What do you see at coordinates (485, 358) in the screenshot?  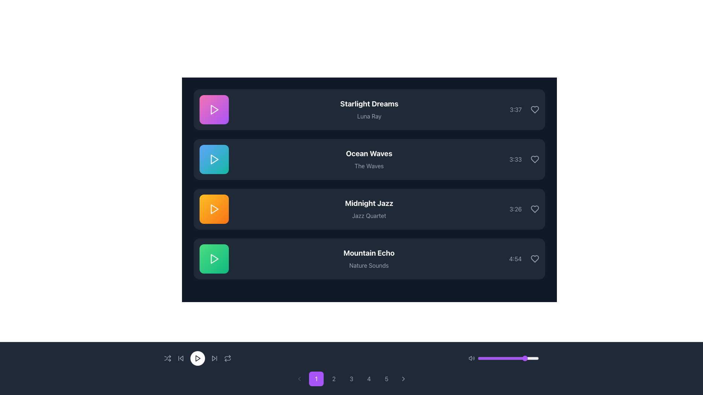 I see `the volume` at bounding box center [485, 358].